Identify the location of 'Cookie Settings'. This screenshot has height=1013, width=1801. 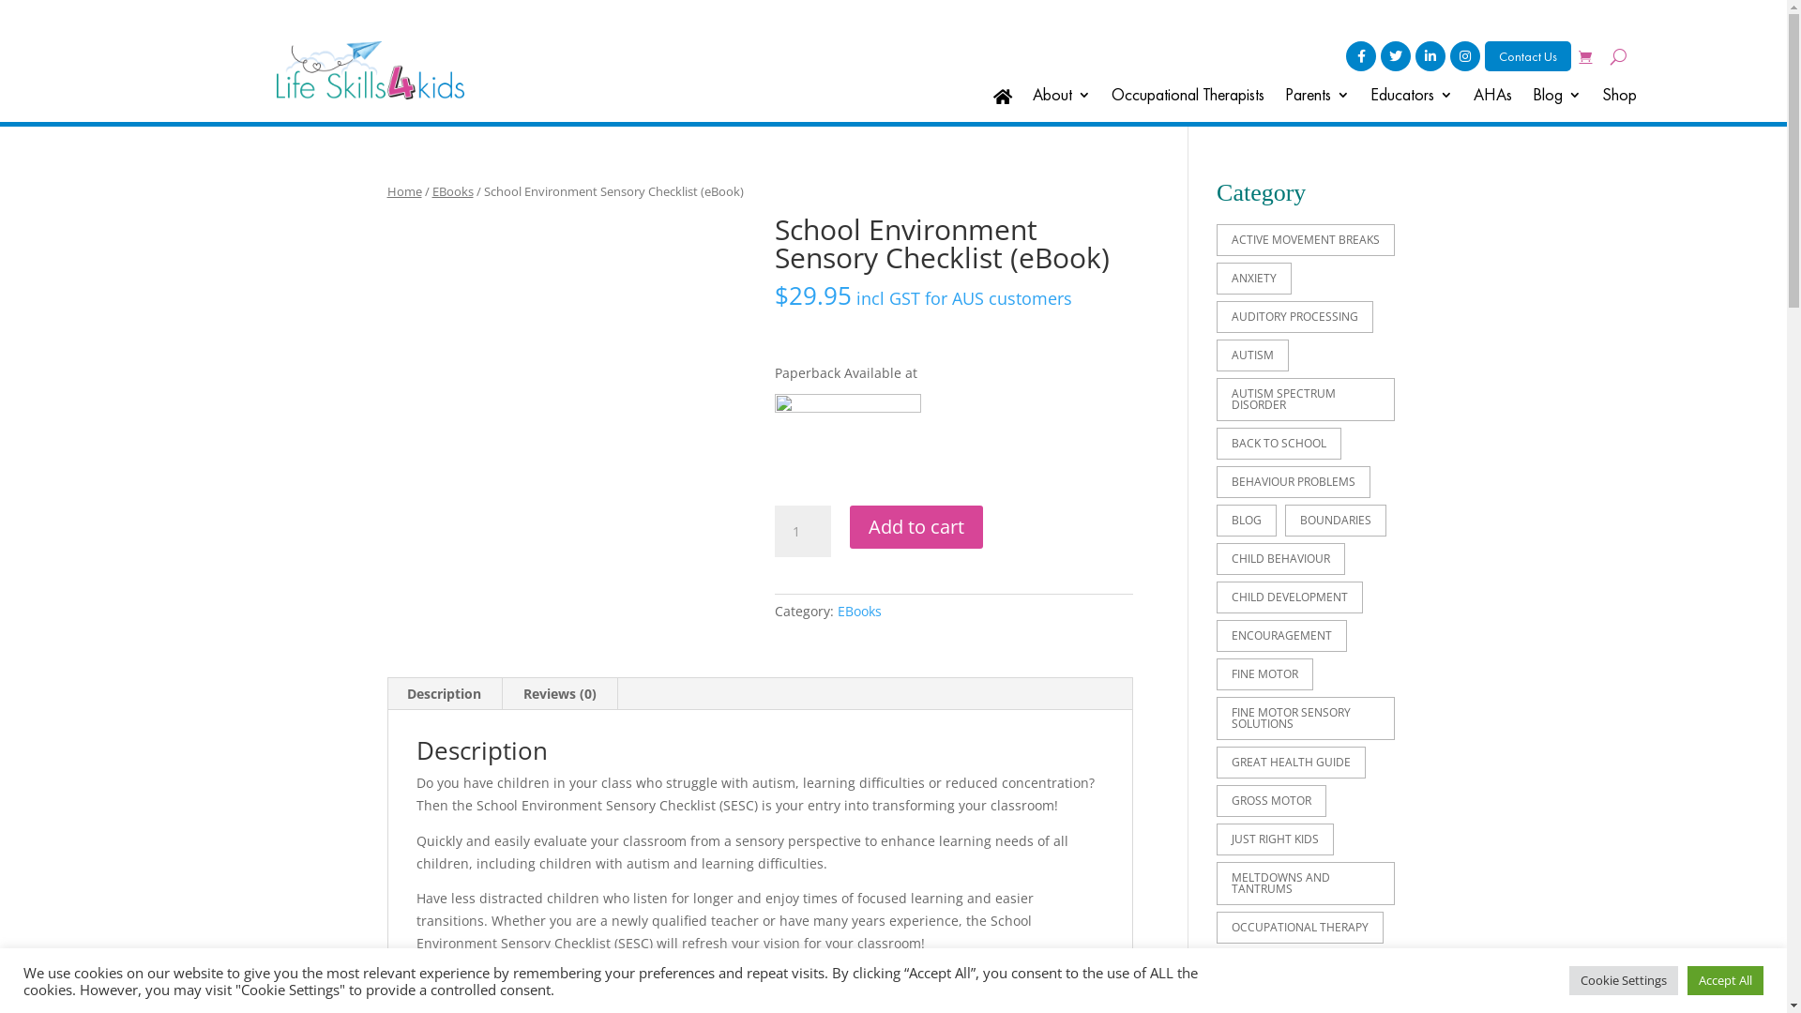
(1569, 979).